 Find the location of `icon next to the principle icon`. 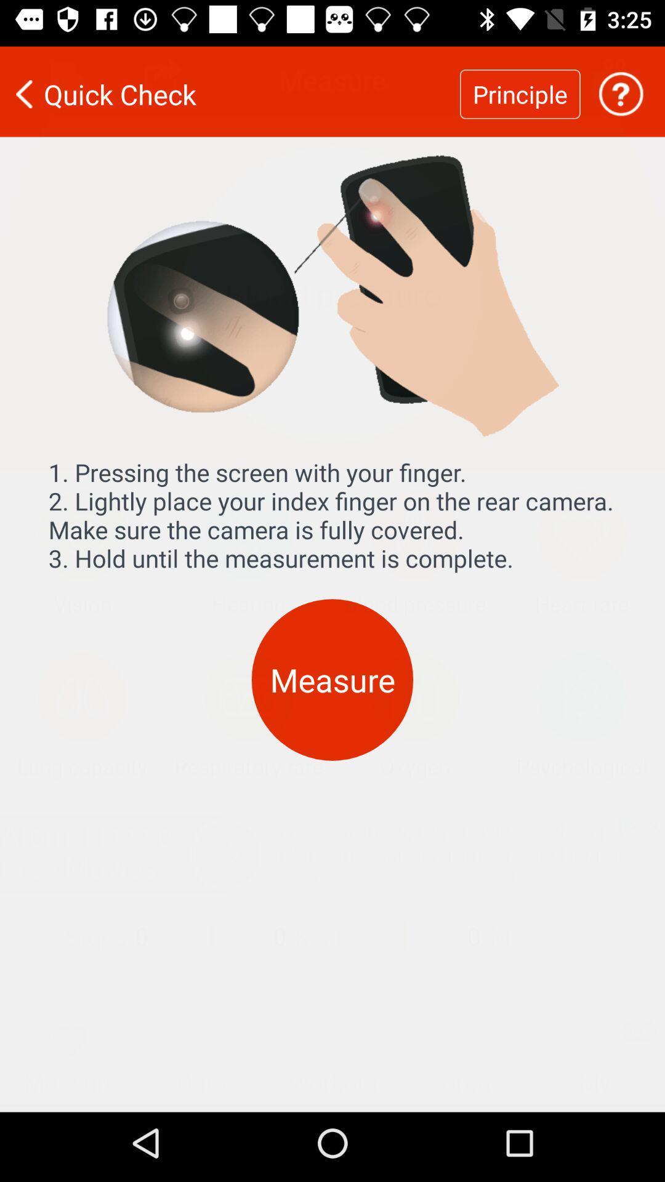

icon next to the principle icon is located at coordinates (230, 86).